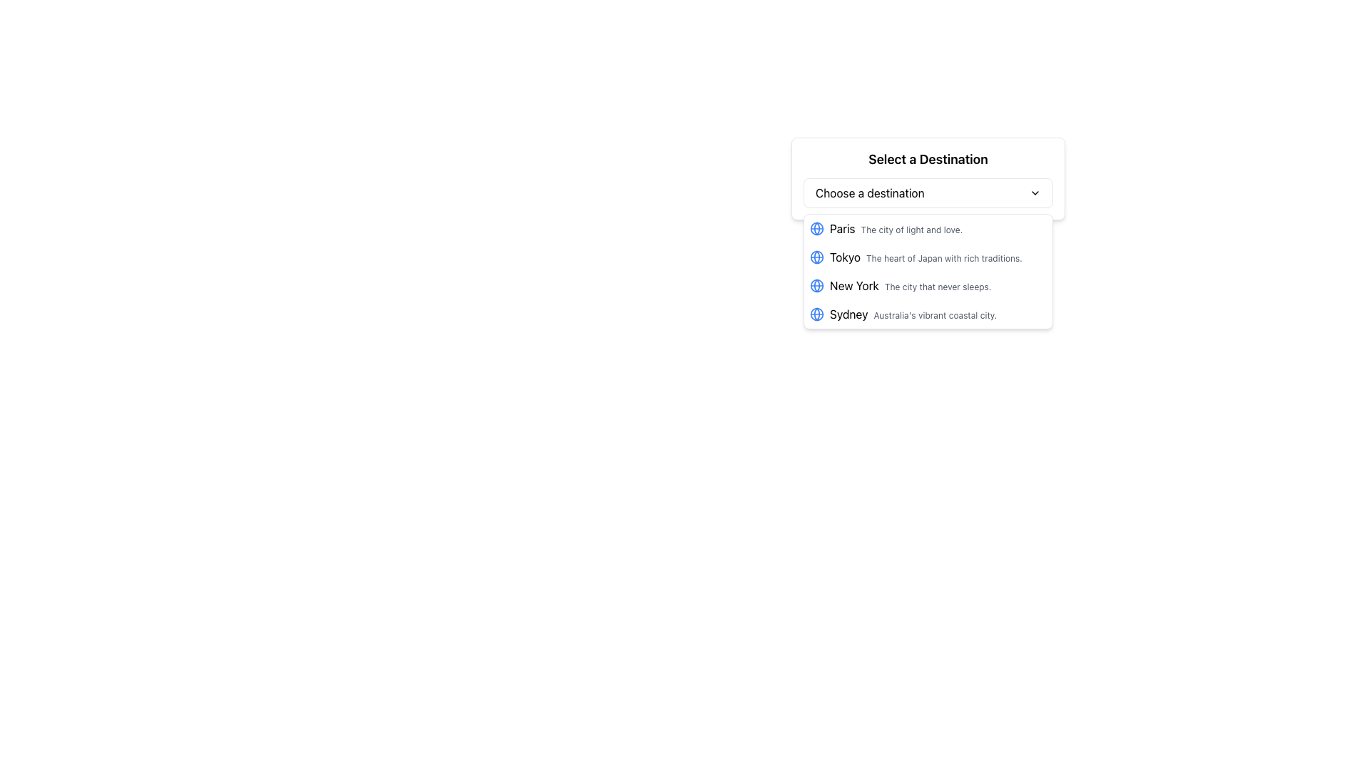 The width and height of the screenshot is (1369, 770). I want to click on blue circular globe icon representing latitude and longitude, located to the left of the text 'Tokyo The heart of Japan with rich traditions.', so click(817, 257).